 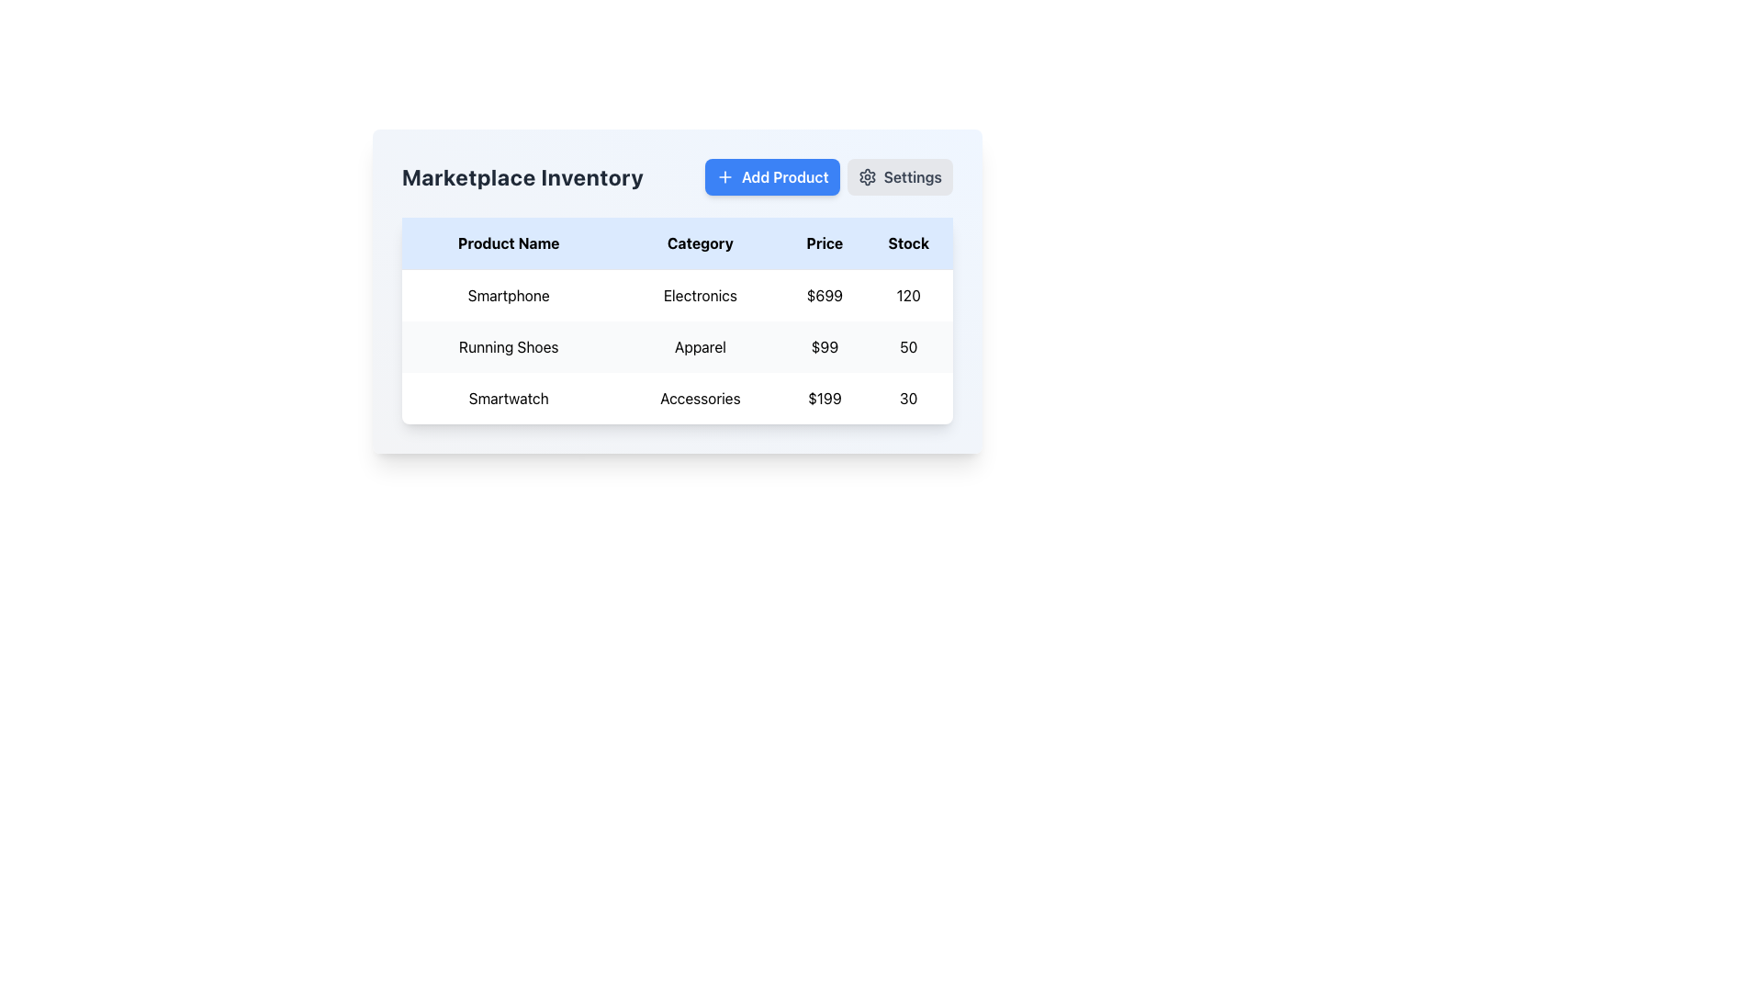 I want to click on the Text Label that identifies the product name in the first row of the 'Marketplace Inventory' table, so click(x=509, y=294).